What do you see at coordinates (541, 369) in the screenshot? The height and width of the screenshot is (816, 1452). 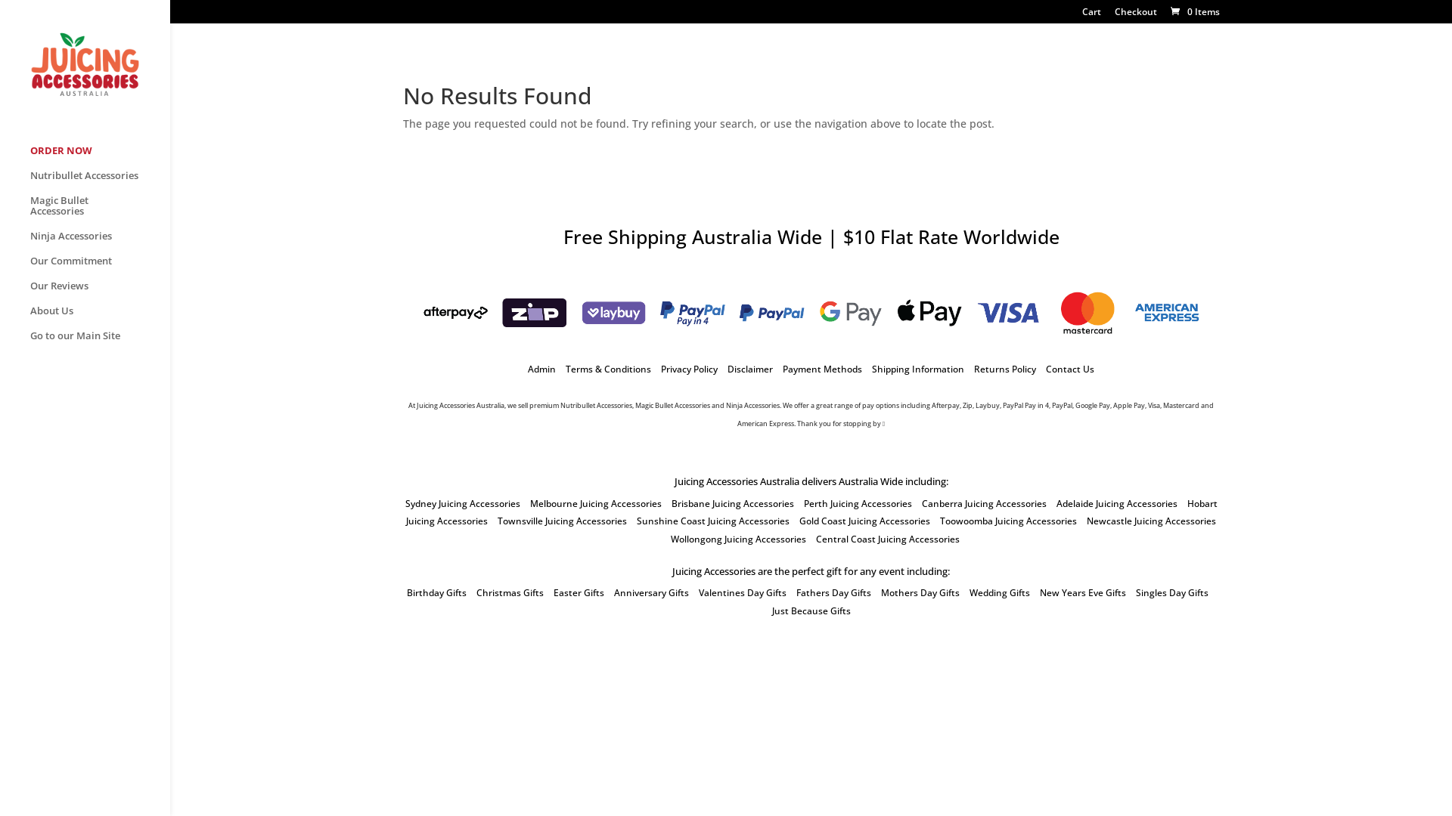 I see `'Admin'` at bounding box center [541, 369].